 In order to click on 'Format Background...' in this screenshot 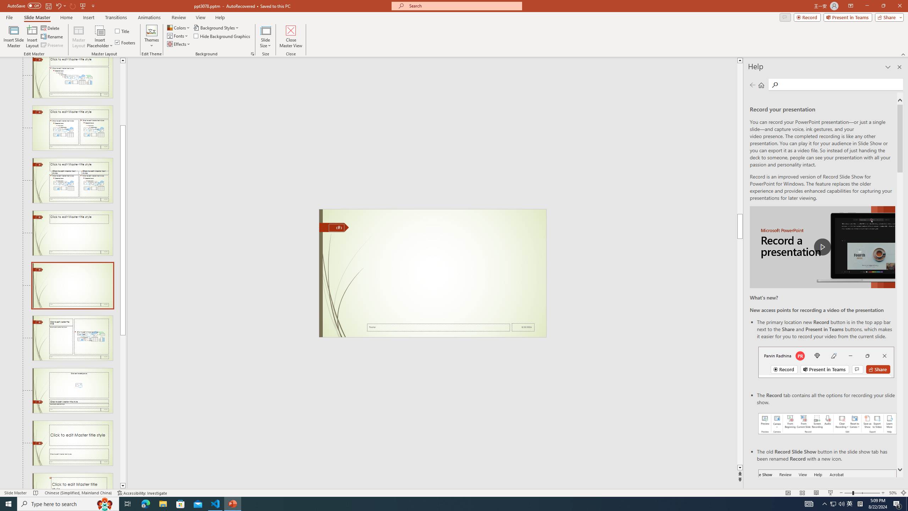, I will do `click(252, 53)`.